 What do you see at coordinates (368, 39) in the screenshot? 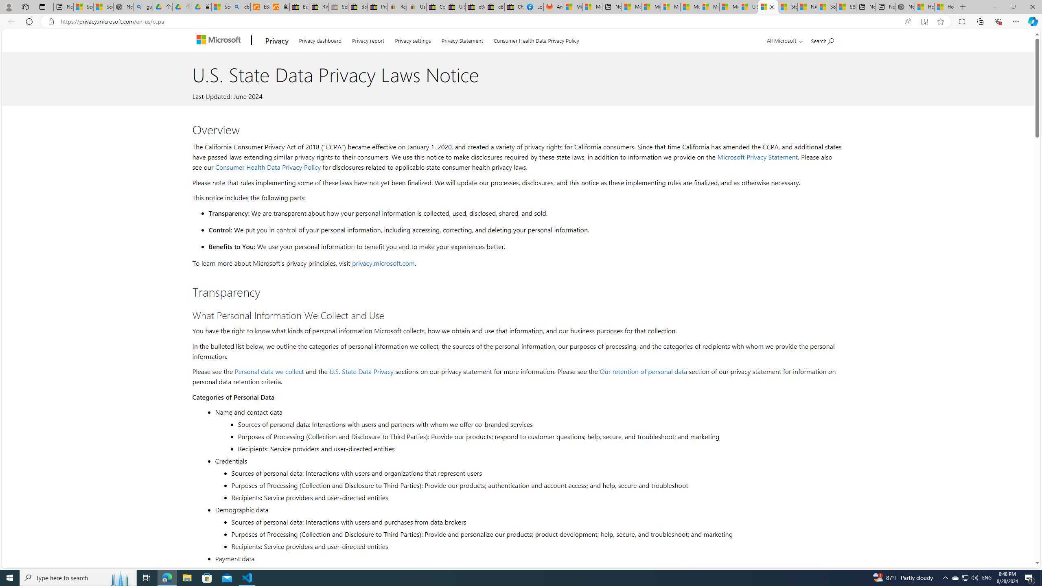
I see `'Privacy report'` at bounding box center [368, 39].